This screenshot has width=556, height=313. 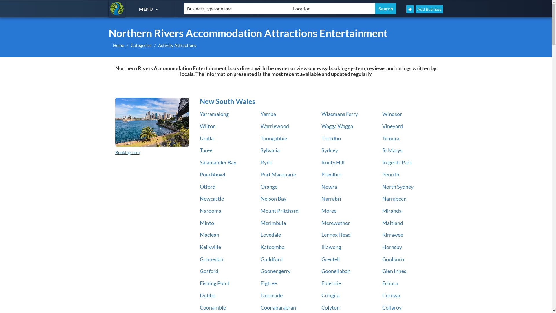 I want to click on 'Salamander Bay', so click(x=200, y=162).